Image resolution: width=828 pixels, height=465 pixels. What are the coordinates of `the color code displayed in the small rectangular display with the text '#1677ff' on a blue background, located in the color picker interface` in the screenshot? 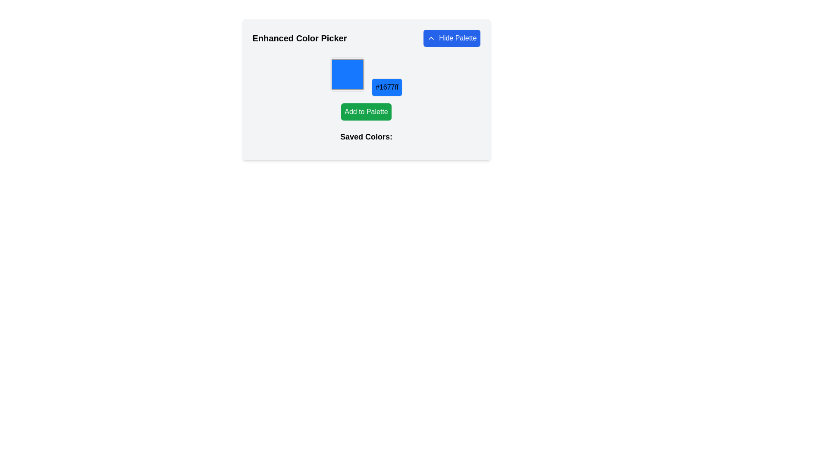 It's located at (386, 87).